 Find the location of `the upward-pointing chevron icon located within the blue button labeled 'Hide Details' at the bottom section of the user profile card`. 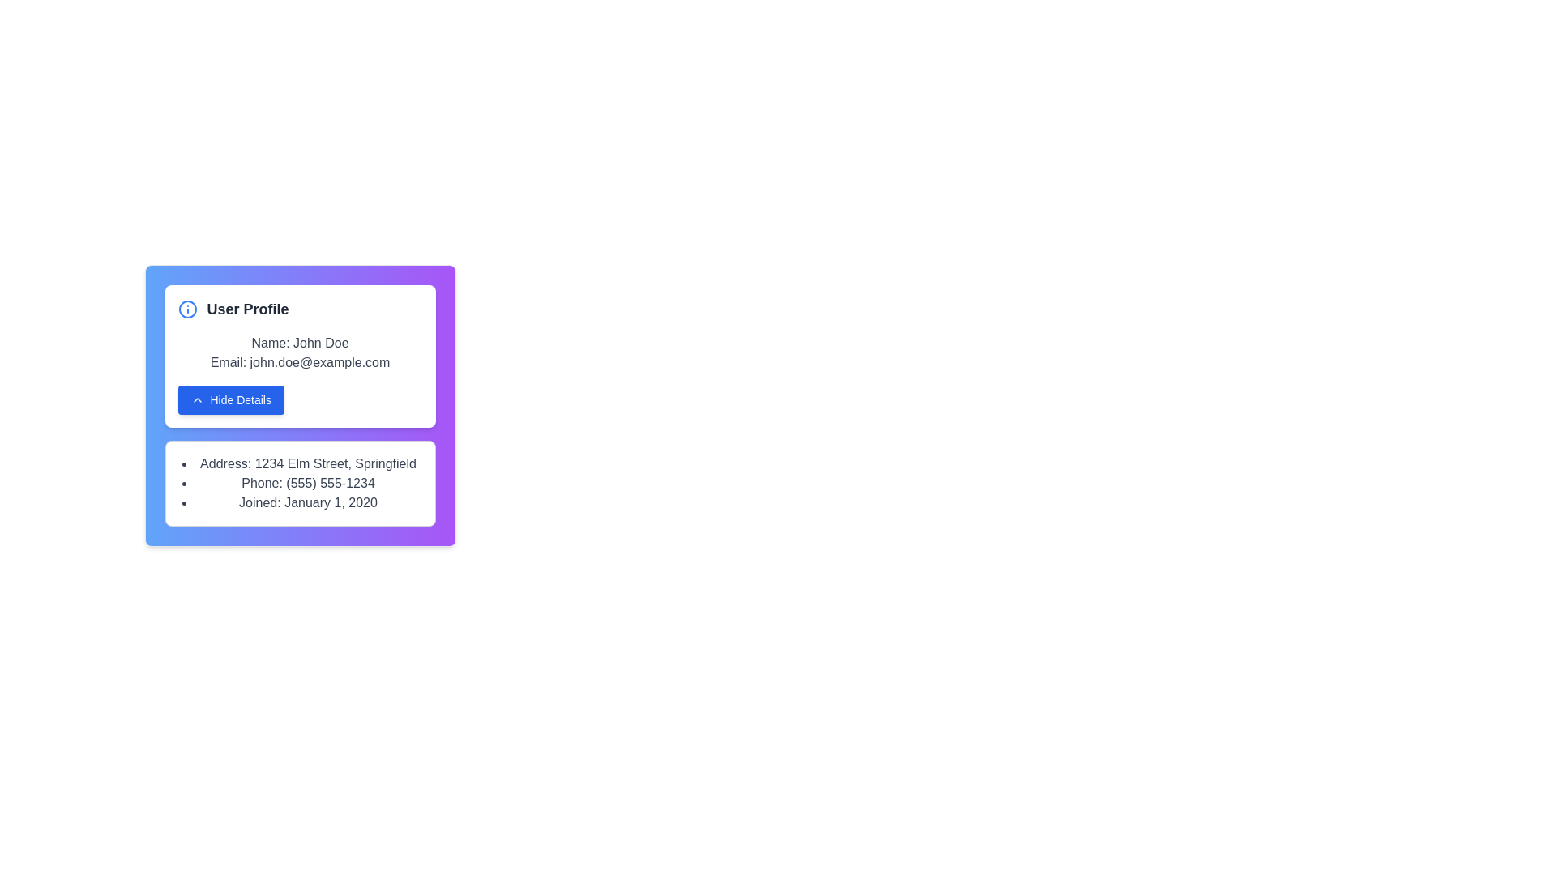

the upward-pointing chevron icon located within the blue button labeled 'Hide Details' at the bottom section of the user profile card is located at coordinates (196, 399).